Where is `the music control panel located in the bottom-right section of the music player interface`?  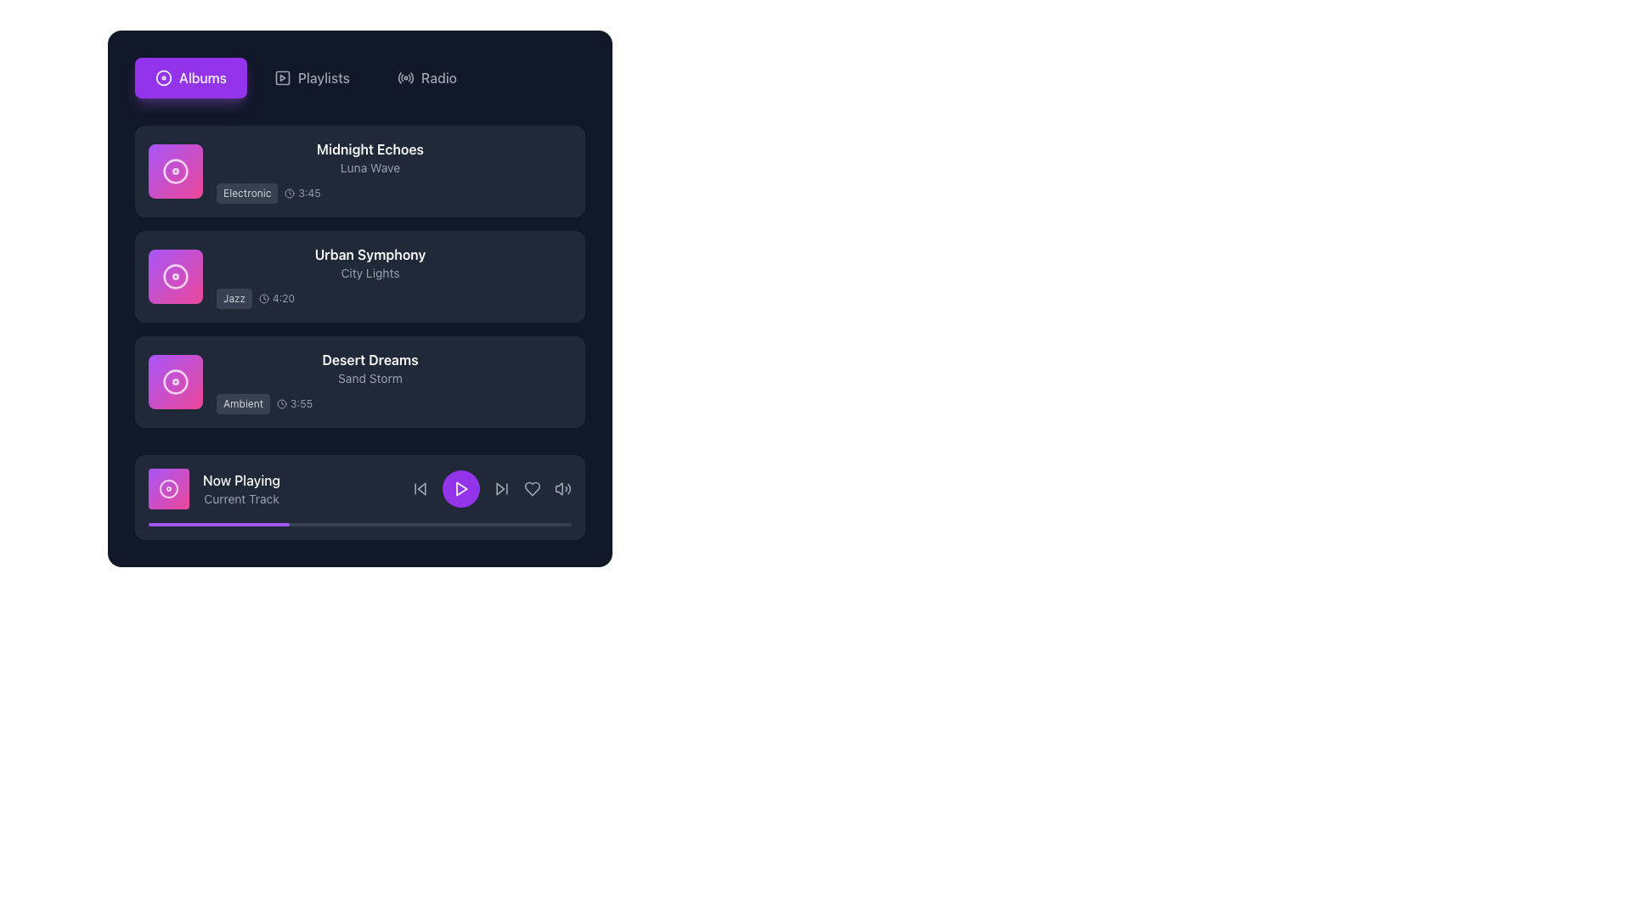
the music control panel located in the bottom-right section of the music player interface is located at coordinates (491, 488).